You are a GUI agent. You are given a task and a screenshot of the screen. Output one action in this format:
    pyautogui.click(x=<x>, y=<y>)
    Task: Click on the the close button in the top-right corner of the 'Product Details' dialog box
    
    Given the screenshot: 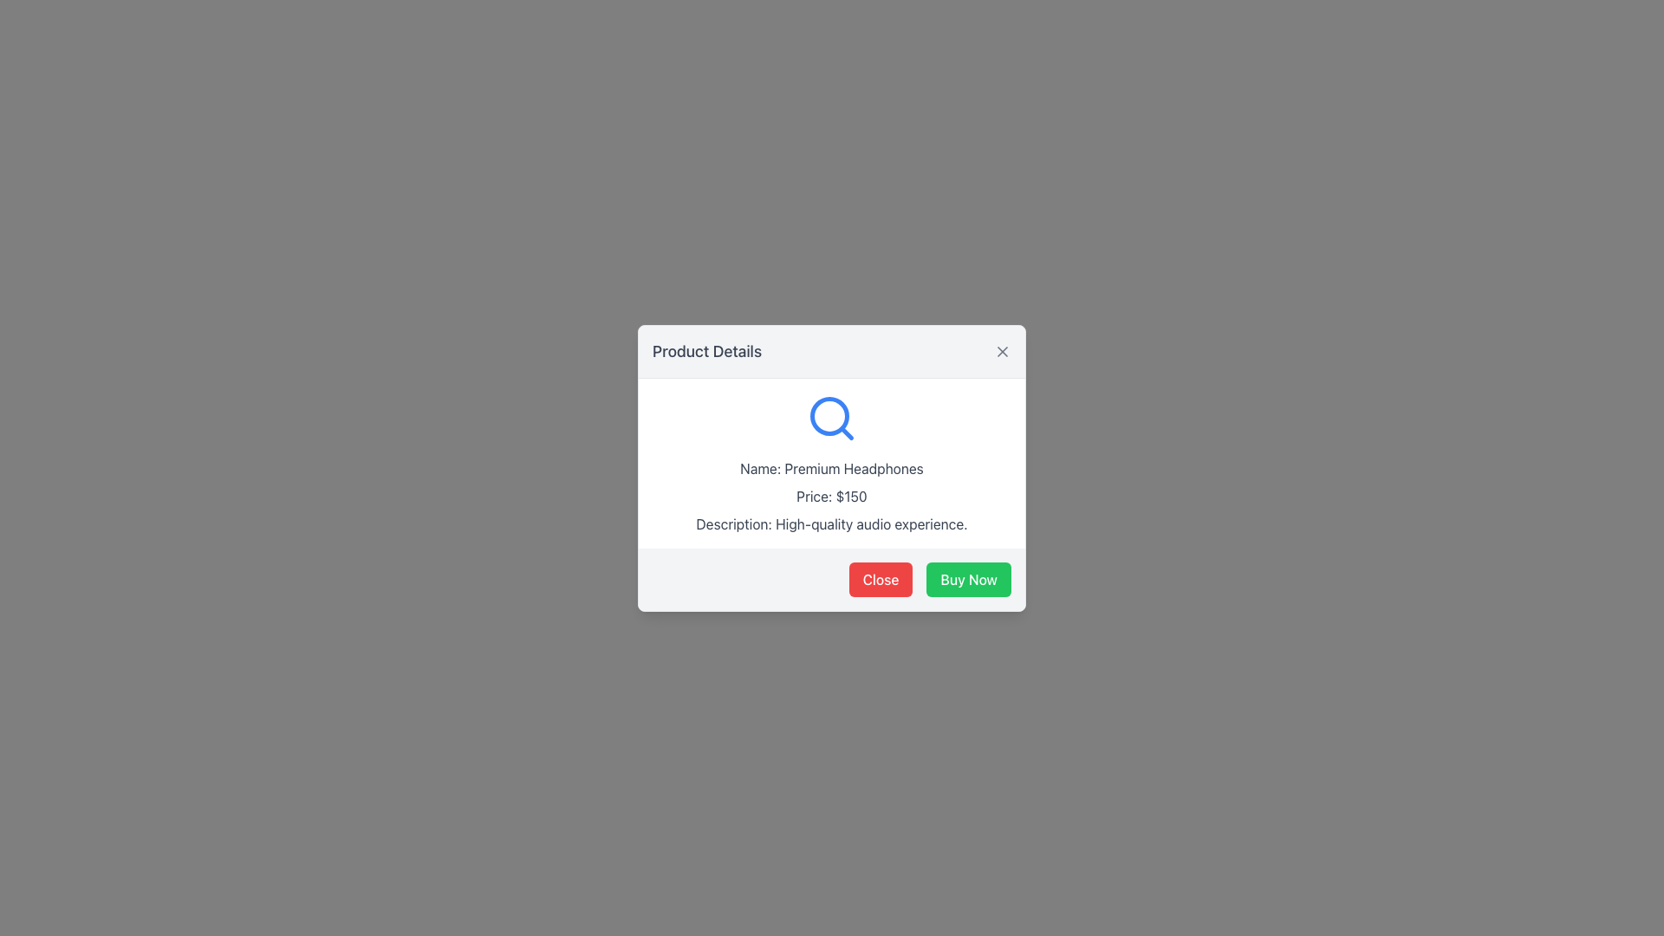 What is the action you would take?
    pyautogui.click(x=1002, y=351)
    